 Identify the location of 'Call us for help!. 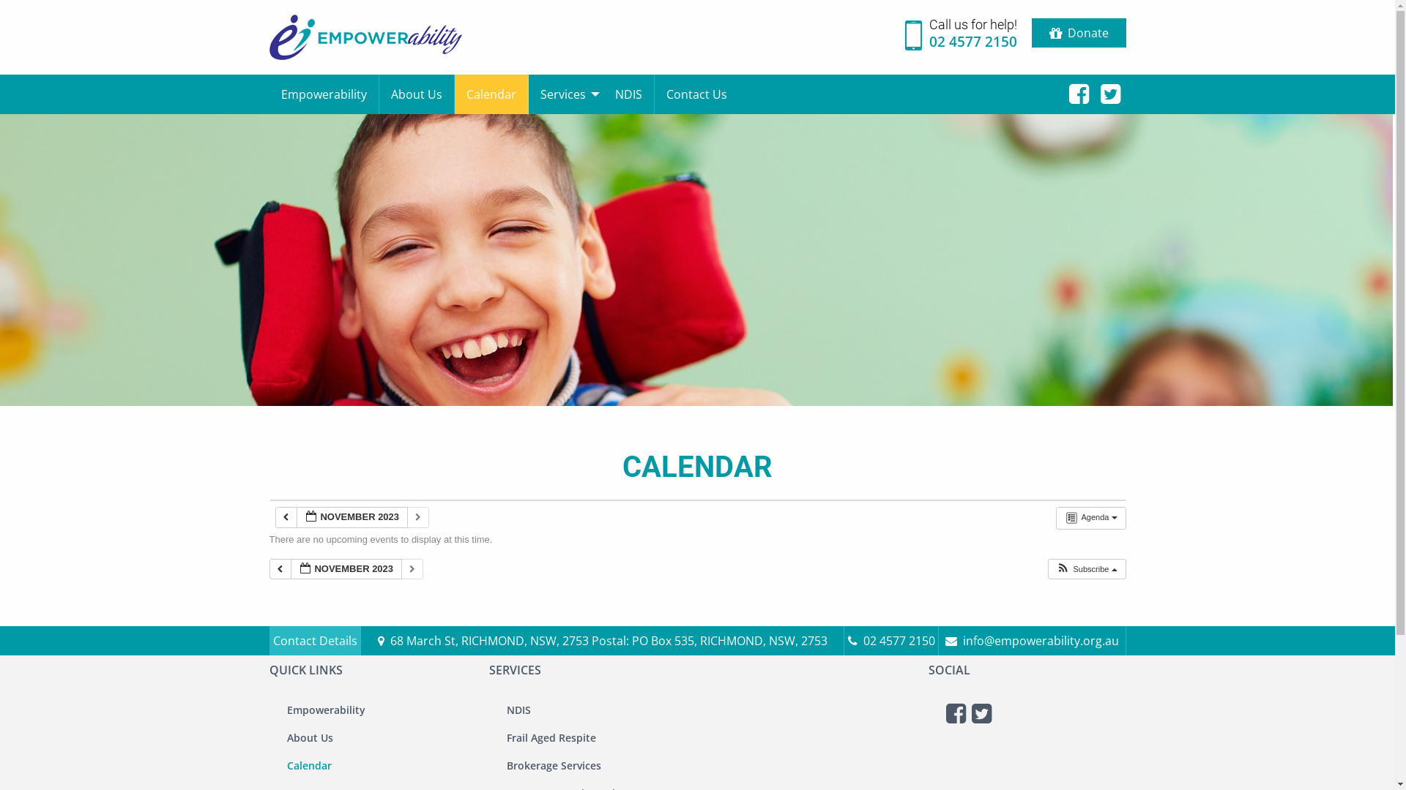
(961, 37).